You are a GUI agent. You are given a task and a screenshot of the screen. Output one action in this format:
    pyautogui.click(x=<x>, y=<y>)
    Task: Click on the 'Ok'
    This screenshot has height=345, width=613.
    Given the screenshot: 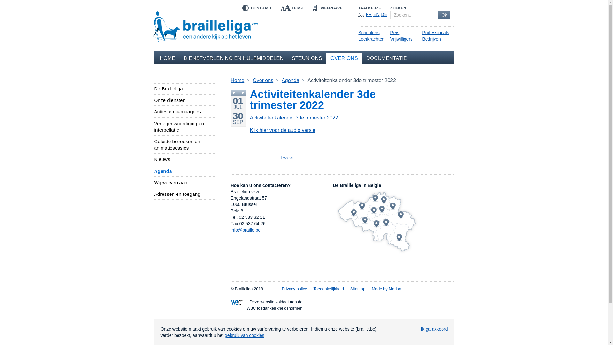 What is the action you would take?
    pyautogui.click(x=438, y=15)
    